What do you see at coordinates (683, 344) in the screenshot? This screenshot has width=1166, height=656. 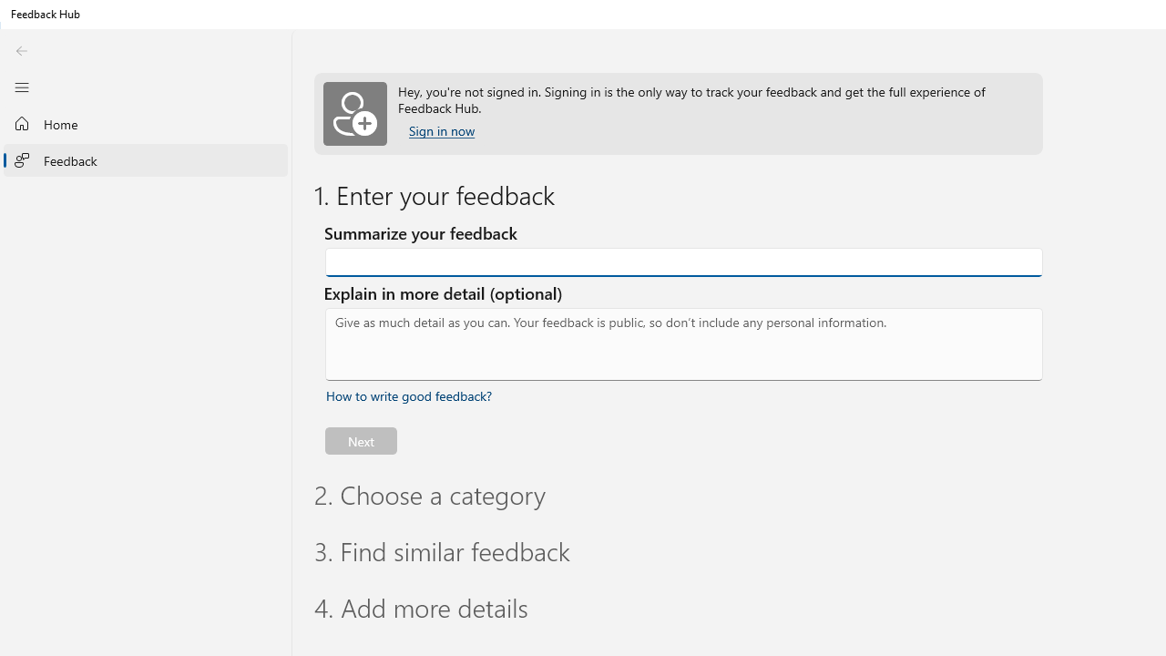 I see `'Explain in more detail (optional)'` at bounding box center [683, 344].